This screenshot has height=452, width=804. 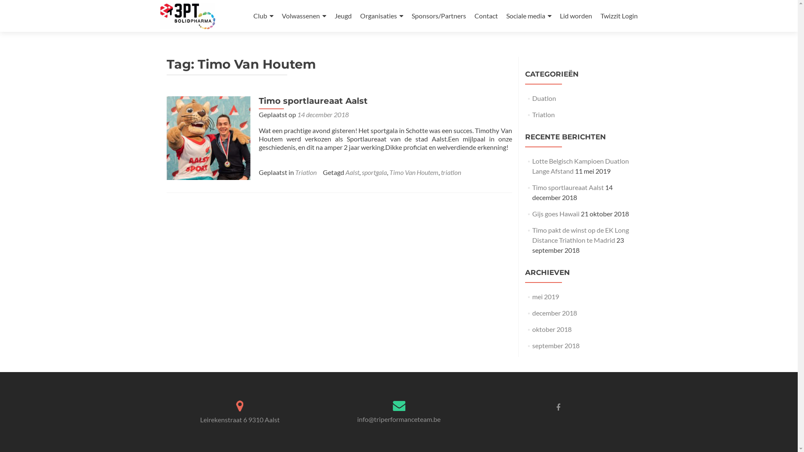 What do you see at coordinates (374, 172) in the screenshot?
I see `'sportgala'` at bounding box center [374, 172].